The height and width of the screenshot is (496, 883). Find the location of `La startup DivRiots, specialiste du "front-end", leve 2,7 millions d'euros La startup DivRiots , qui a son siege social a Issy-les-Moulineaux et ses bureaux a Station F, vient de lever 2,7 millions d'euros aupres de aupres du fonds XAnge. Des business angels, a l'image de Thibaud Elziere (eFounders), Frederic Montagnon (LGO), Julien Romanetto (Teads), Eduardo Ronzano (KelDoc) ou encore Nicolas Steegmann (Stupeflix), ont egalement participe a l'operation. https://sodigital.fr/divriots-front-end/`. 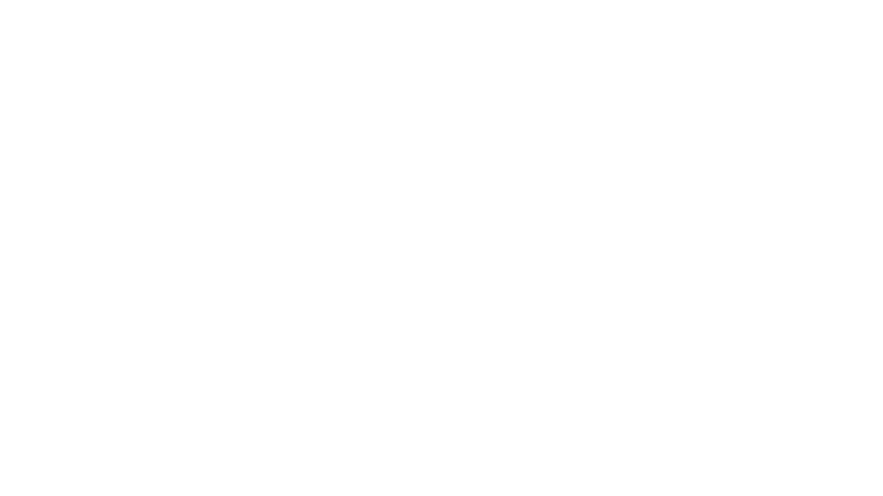

La startup DivRiots, specialiste du "front-end", leve 2,7 millions d'euros La startup DivRiots , qui a son siege social a Issy-les-Moulineaux et ses bureaux a Station F, vient de lever 2,7 millions d'euros aupres de aupres du fonds XAnge. Des business angels, a l'image de Thibaud Elziere (eFounders), Frederic Montagnon (LGO), Julien Romanetto (Teads), Eduardo Ronzano (KelDoc) ou encore Nicolas Steegmann (Stupeflix), ont egalement participe a l'operation. https://sodigital.fr/divriots-front-end/ is located at coordinates (441, 276).